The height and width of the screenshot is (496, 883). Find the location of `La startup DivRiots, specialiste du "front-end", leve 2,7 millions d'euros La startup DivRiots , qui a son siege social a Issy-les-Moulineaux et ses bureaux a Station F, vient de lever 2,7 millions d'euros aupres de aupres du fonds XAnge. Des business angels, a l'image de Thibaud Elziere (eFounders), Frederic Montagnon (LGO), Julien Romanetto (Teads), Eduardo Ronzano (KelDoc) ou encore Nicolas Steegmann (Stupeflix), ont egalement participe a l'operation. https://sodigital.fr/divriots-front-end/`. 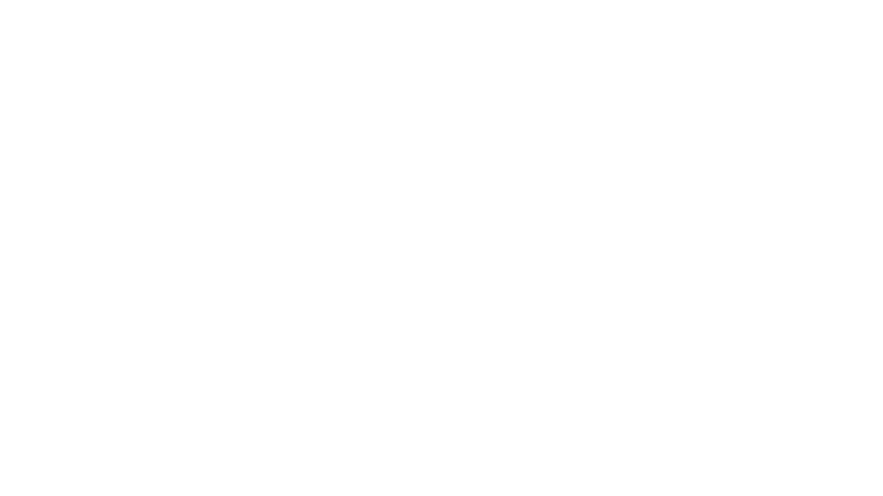

La startup DivRiots, specialiste du "front-end", leve 2,7 millions d'euros La startup DivRiots , qui a son siege social a Issy-les-Moulineaux et ses bureaux a Station F, vient de lever 2,7 millions d'euros aupres de aupres du fonds XAnge. Des business angels, a l'image de Thibaud Elziere (eFounders), Frederic Montagnon (LGO), Julien Romanetto (Teads), Eduardo Ronzano (KelDoc) ou encore Nicolas Steegmann (Stupeflix), ont egalement participe a l'operation. https://sodigital.fr/divriots-front-end/ is located at coordinates (441, 276).